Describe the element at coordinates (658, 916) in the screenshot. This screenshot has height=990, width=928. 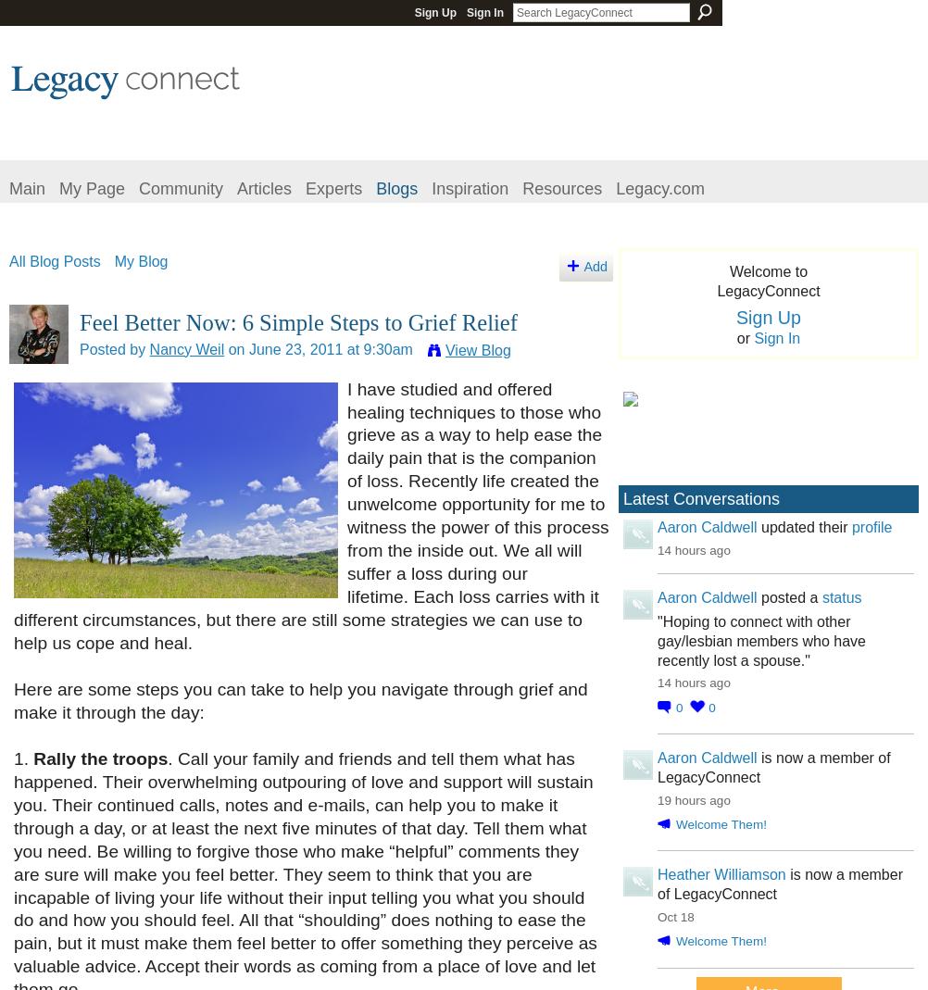
I see `'Oct 18'` at that location.